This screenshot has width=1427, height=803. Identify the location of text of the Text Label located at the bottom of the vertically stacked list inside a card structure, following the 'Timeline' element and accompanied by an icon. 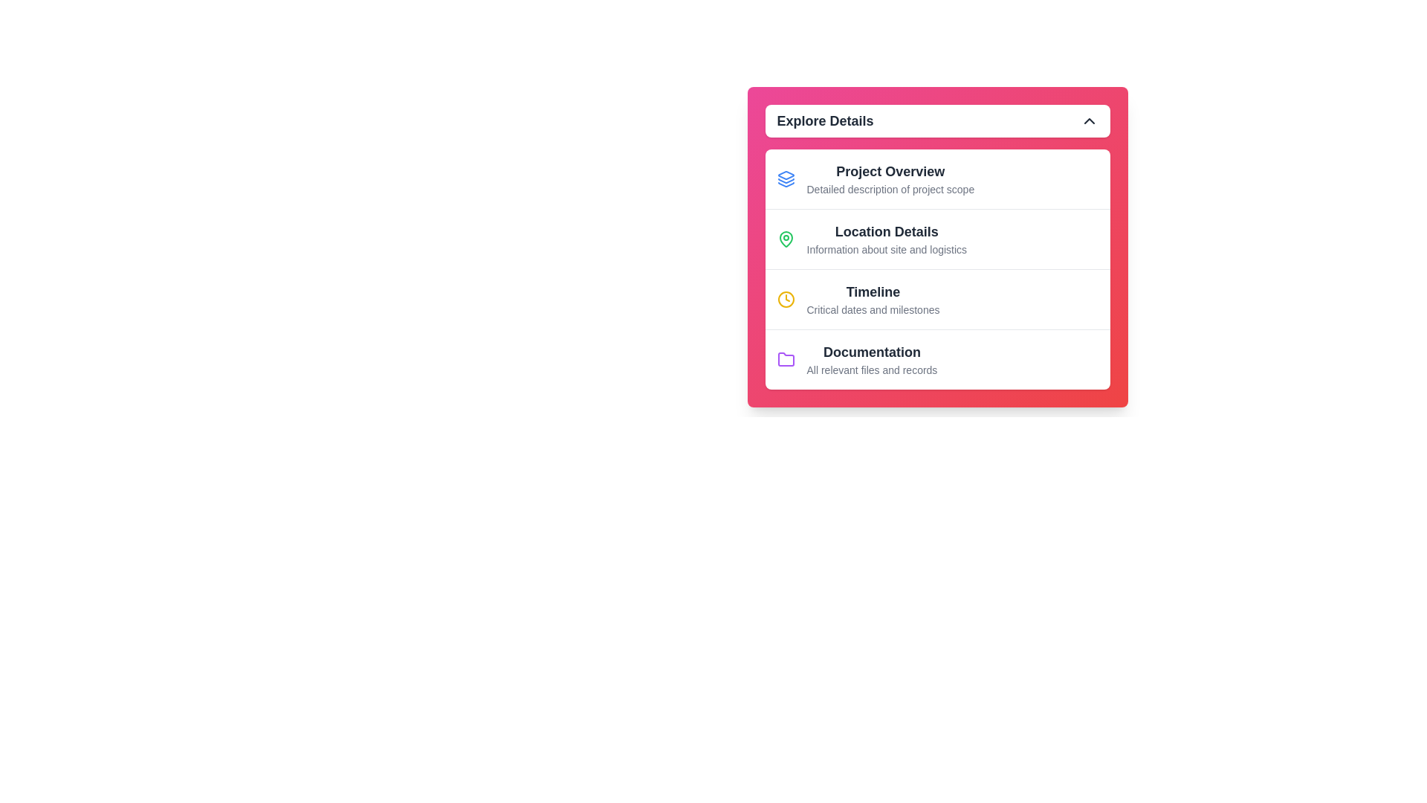
(872, 359).